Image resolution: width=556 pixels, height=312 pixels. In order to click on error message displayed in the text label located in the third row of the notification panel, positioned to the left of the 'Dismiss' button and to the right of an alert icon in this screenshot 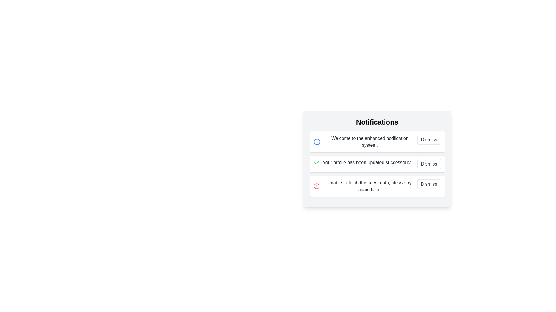, I will do `click(369, 186)`.